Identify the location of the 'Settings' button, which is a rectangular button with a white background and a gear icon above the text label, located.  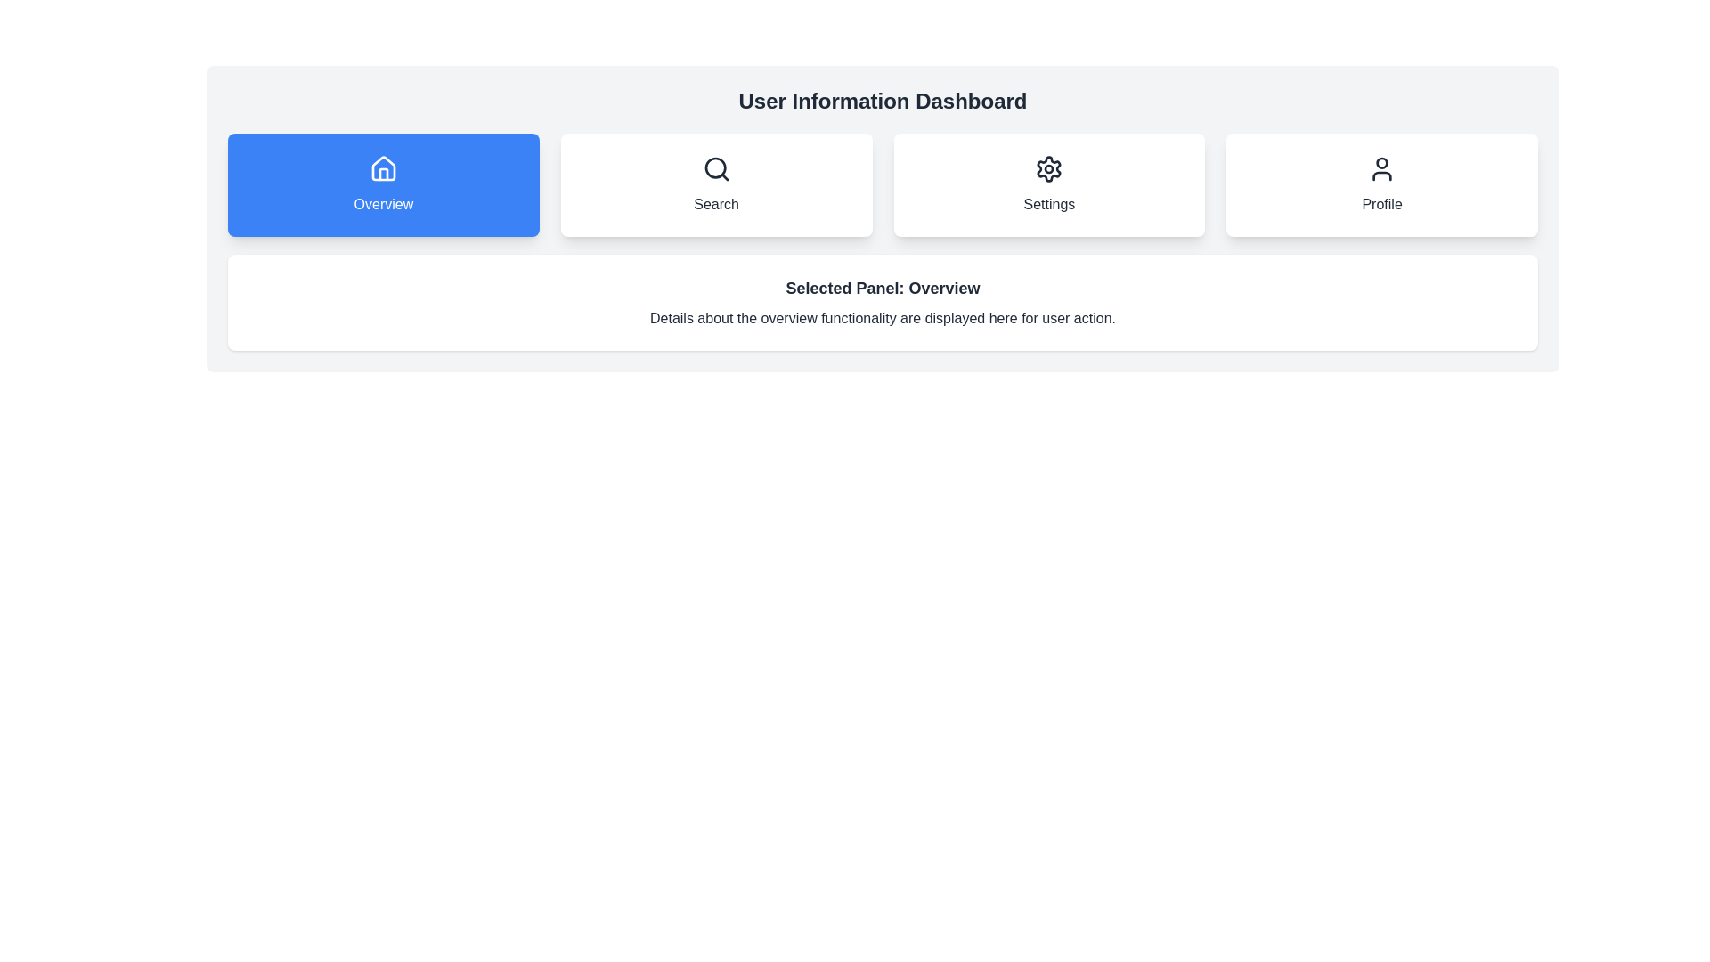
(1049, 185).